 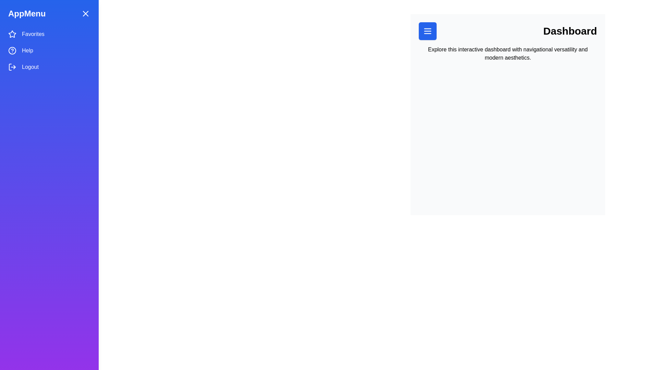 I want to click on the middle item in the vertical navigation menu that provides access to help or support, located between 'Favorites' and 'Logout', so click(x=49, y=50).